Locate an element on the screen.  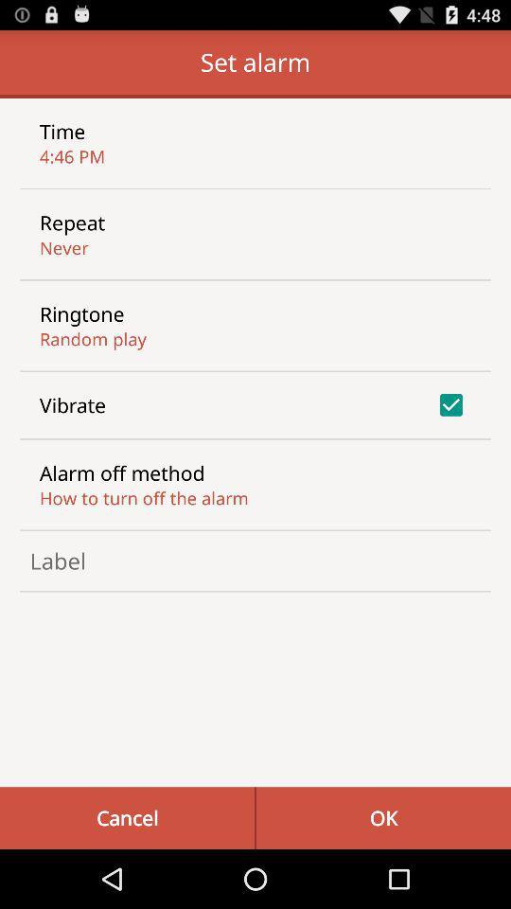
app above repeat is located at coordinates (71, 155).